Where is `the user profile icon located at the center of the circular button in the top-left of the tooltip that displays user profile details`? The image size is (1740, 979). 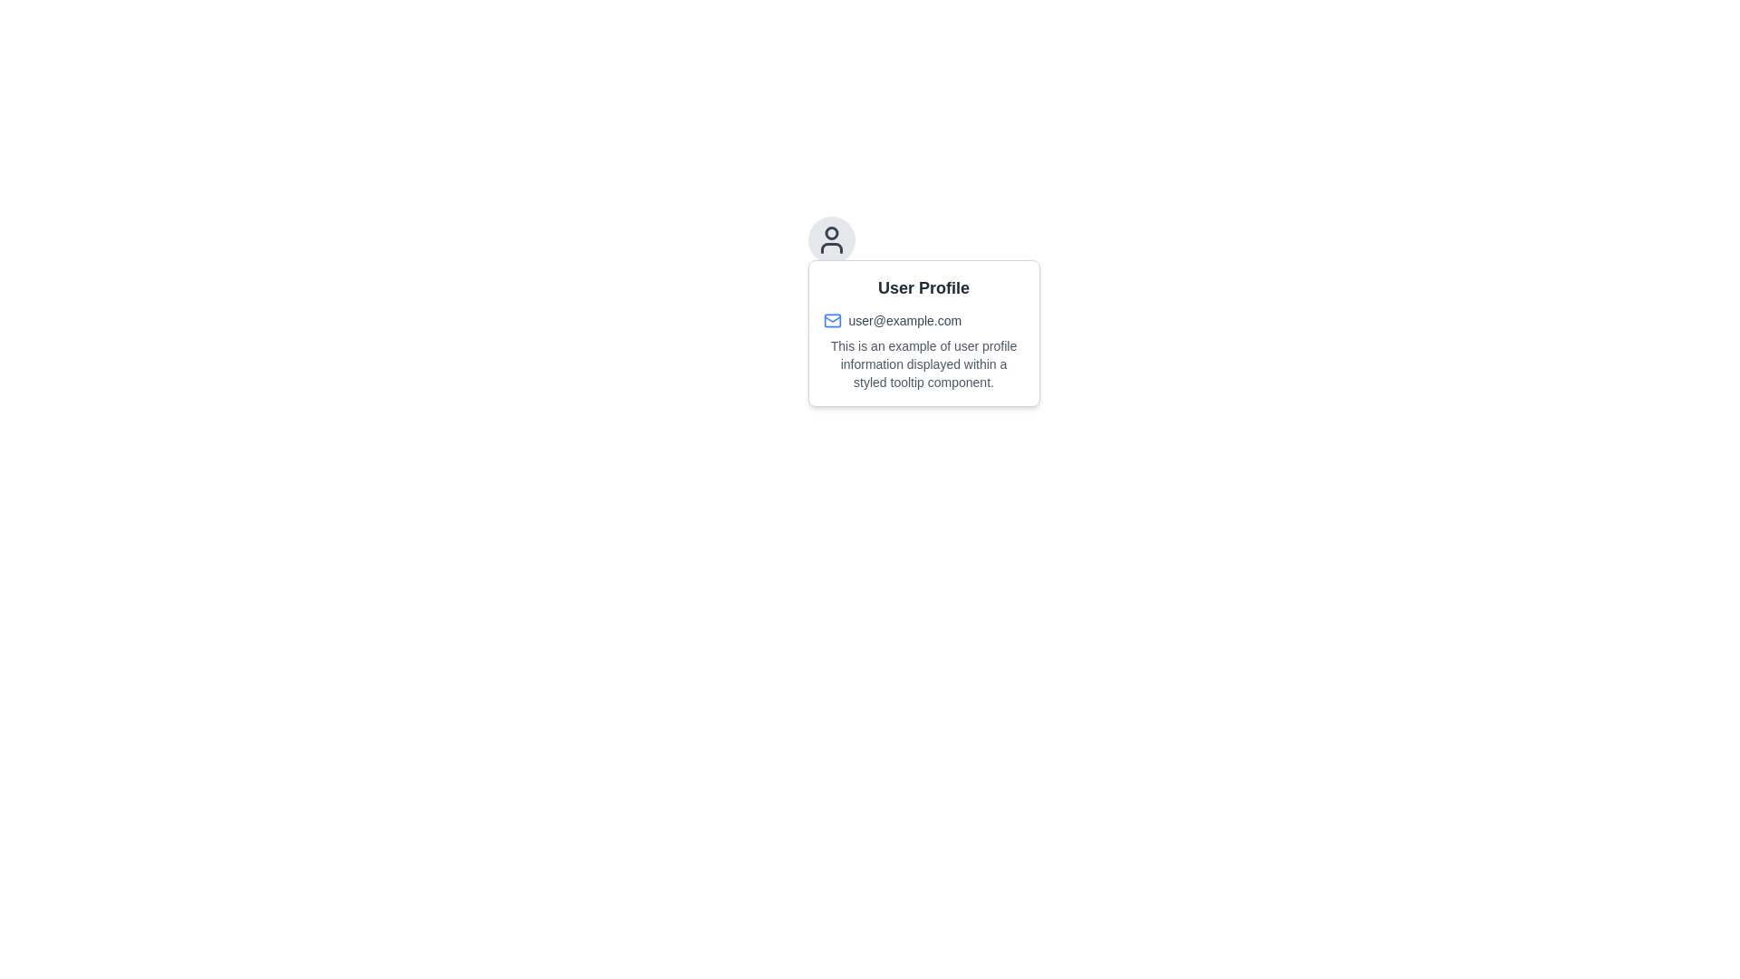
the user profile icon located at the center of the circular button in the top-left of the tooltip that displays user profile details is located at coordinates (830, 239).